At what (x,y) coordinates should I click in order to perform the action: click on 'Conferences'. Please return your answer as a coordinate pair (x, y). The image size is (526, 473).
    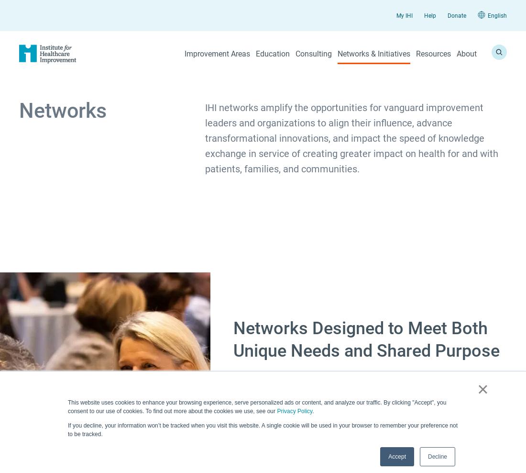
    Looking at the image, I should click on (89, 168).